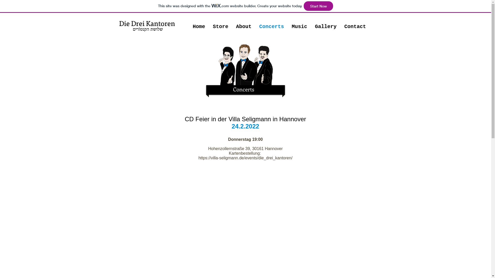  What do you see at coordinates (299, 24) in the screenshot?
I see `'Music'` at bounding box center [299, 24].